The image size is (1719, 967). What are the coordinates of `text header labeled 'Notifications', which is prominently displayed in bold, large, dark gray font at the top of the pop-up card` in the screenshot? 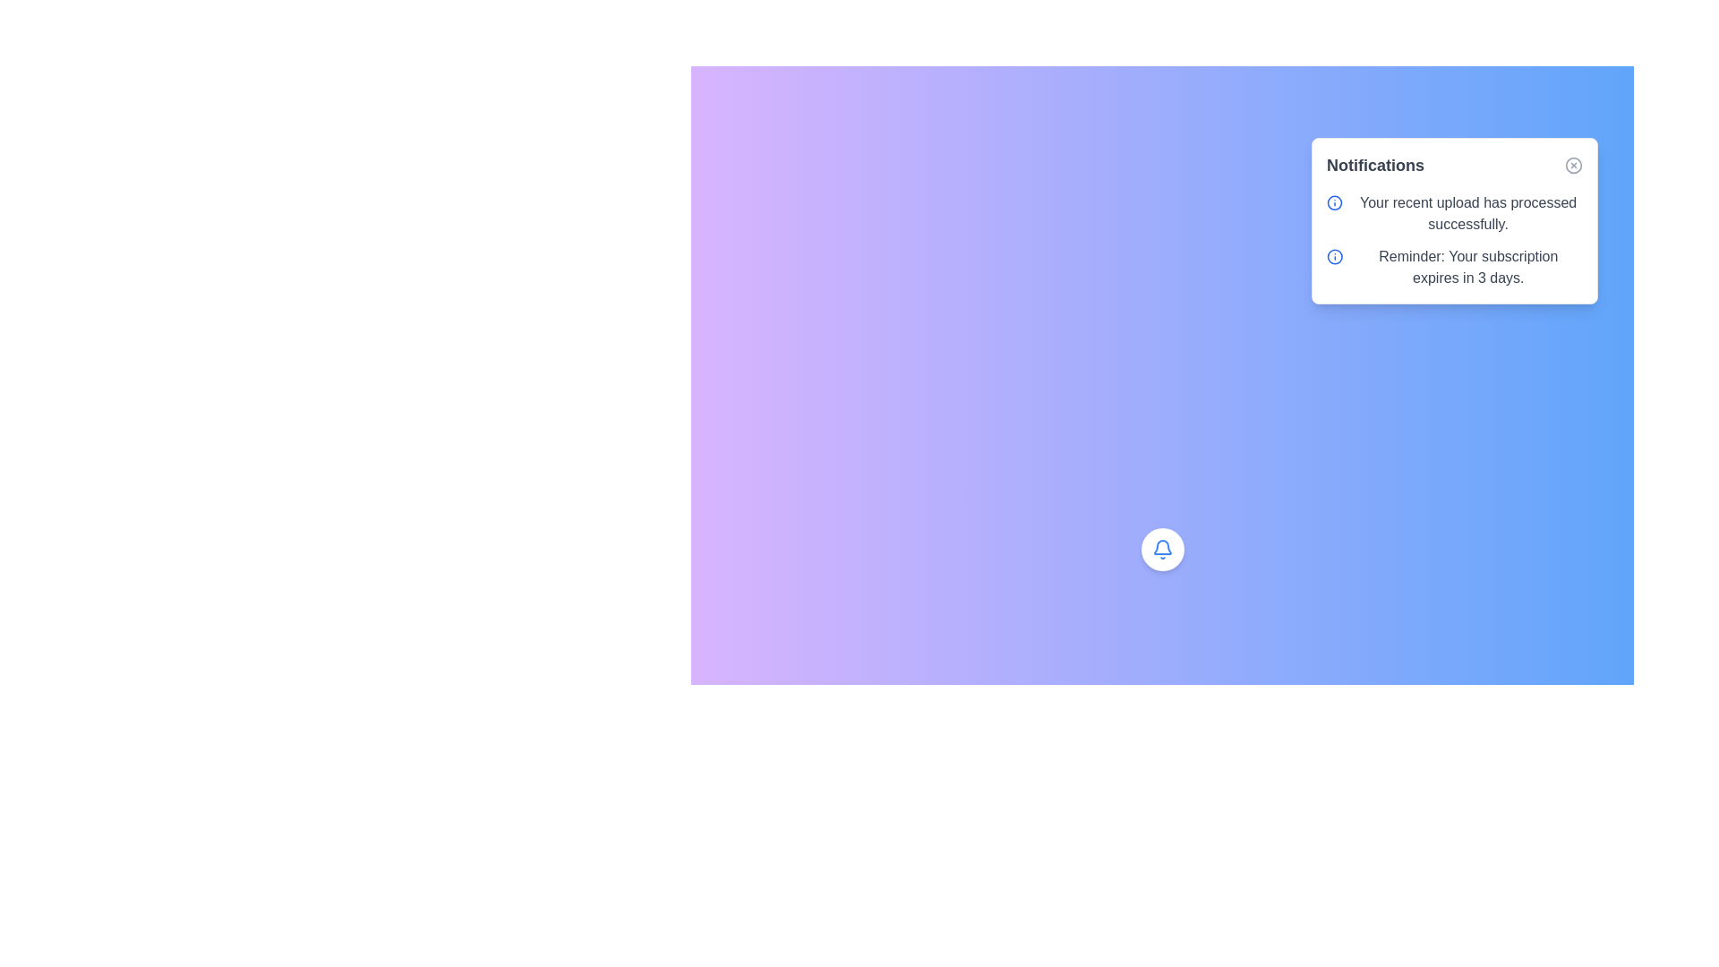 It's located at (1374, 166).